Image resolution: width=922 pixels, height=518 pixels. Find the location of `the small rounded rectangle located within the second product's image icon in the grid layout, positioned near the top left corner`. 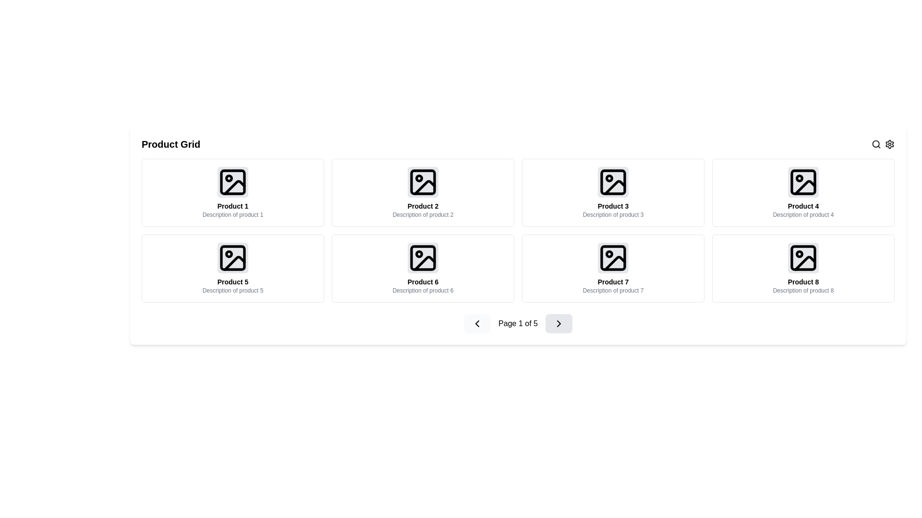

the small rounded rectangle located within the second product's image icon in the grid layout, positioned near the top left corner is located at coordinates (423, 182).